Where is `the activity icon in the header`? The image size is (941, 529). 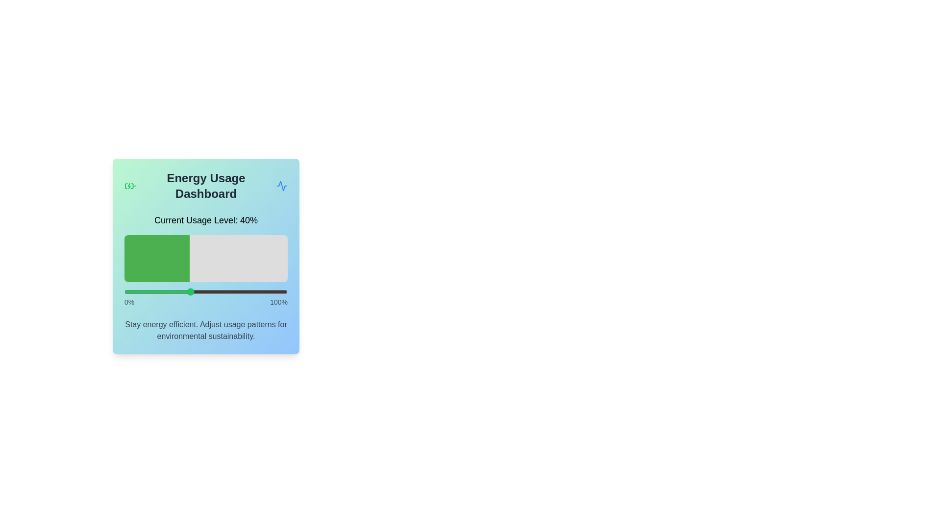 the activity icon in the header is located at coordinates (281, 186).